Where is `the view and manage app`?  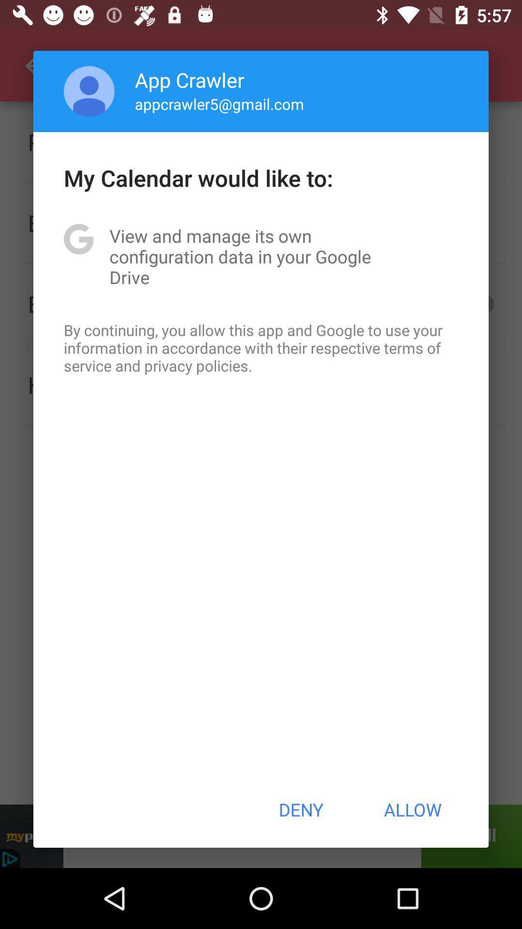
the view and manage app is located at coordinates (261, 256).